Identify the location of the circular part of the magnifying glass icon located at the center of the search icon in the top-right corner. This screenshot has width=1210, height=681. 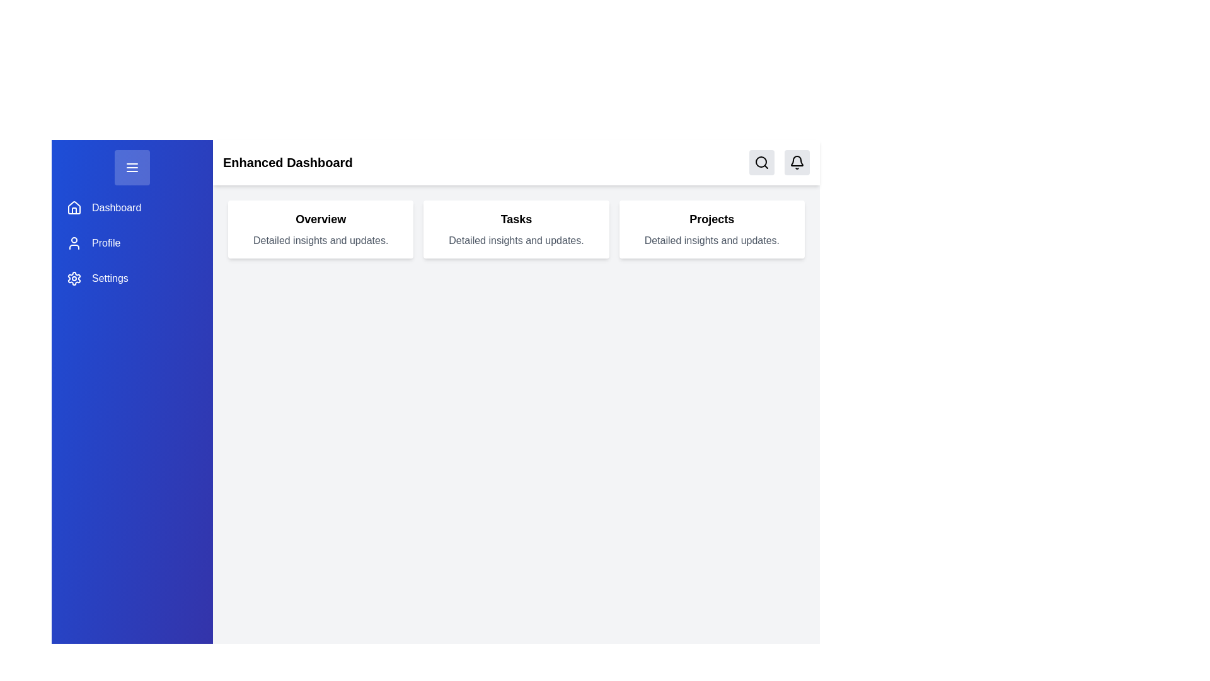
(761, 161).